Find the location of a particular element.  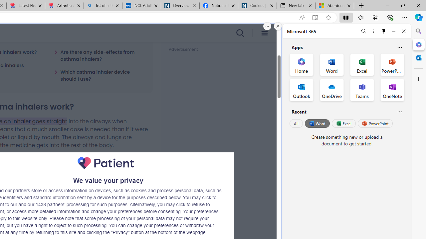

'Arthritis: Ask Health Professionals' is located at coordinates (64, 6).